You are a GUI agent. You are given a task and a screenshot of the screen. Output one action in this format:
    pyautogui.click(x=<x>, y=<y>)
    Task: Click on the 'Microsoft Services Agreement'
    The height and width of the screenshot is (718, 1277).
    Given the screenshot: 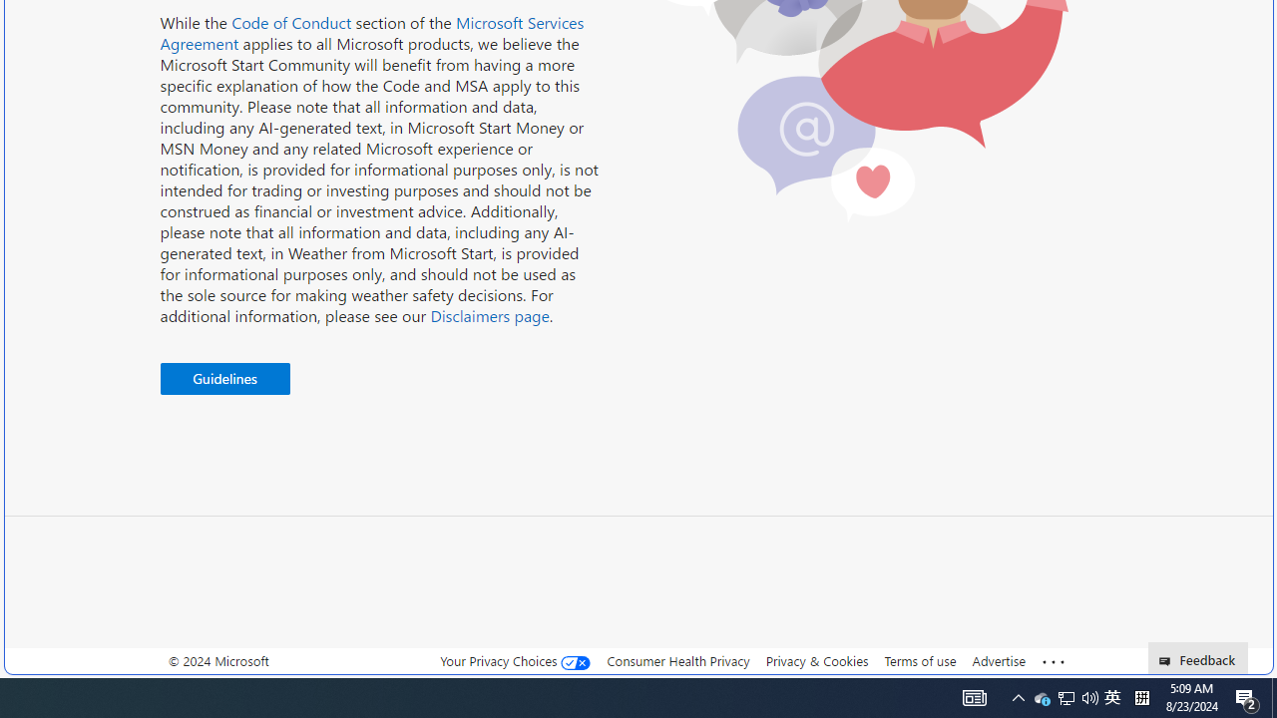 What is the action you would take?
    pyautogui.click(x=372, y=33)
    